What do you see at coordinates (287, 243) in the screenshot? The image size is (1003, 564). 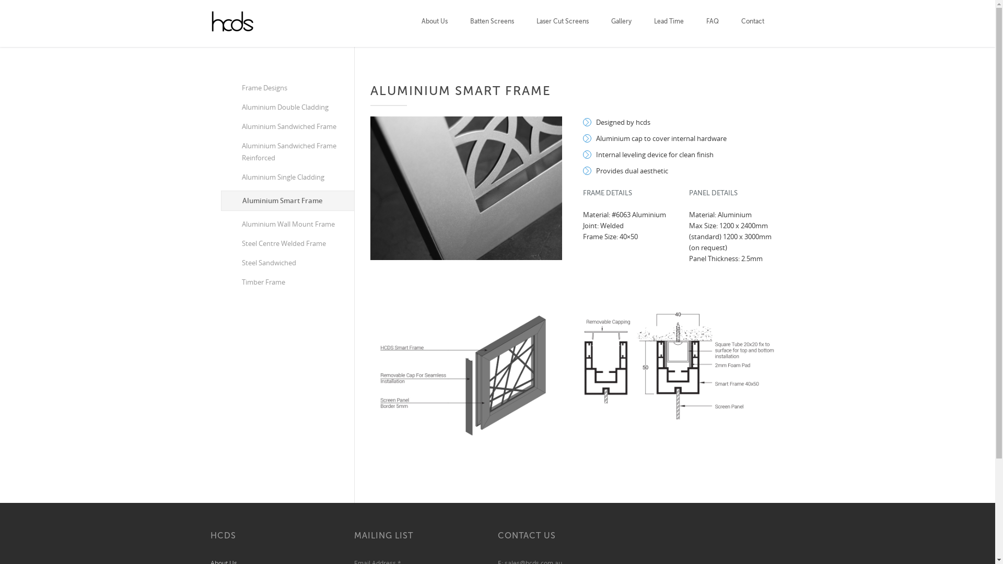 I see `'Steel Centre Welded Frame'` at bounding box center [287, 243].